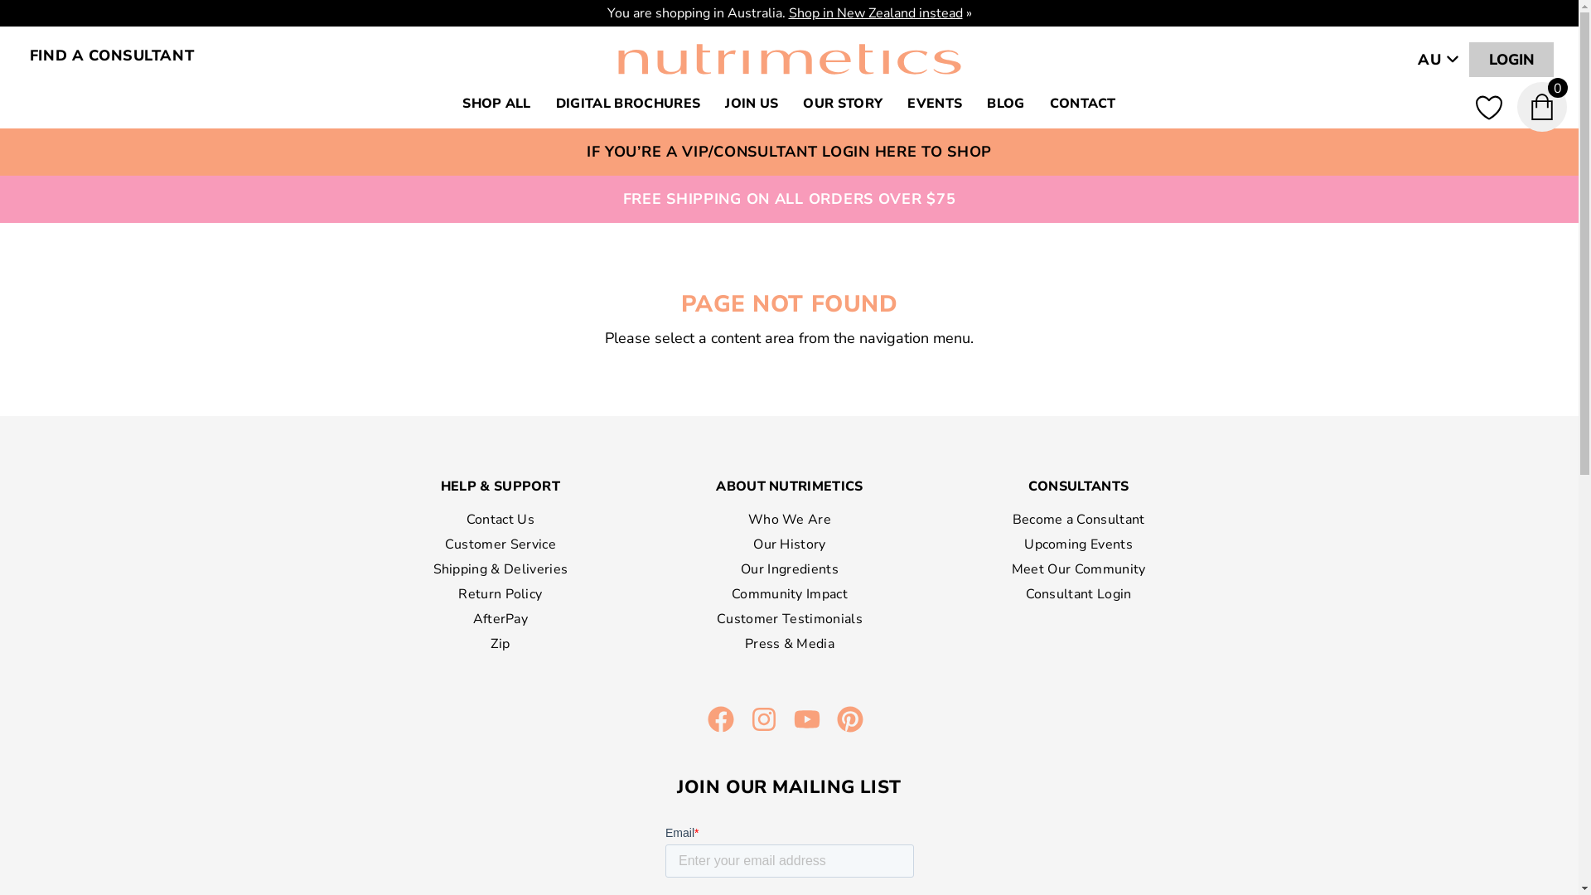 This screenshot has height=895, width=1591. Describe the element at coordinates (499, 619) in the screenshot. I see `'AfterPay'` at that location.